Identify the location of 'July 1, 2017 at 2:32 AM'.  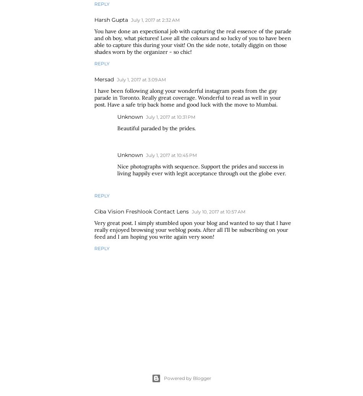
(155, 19).